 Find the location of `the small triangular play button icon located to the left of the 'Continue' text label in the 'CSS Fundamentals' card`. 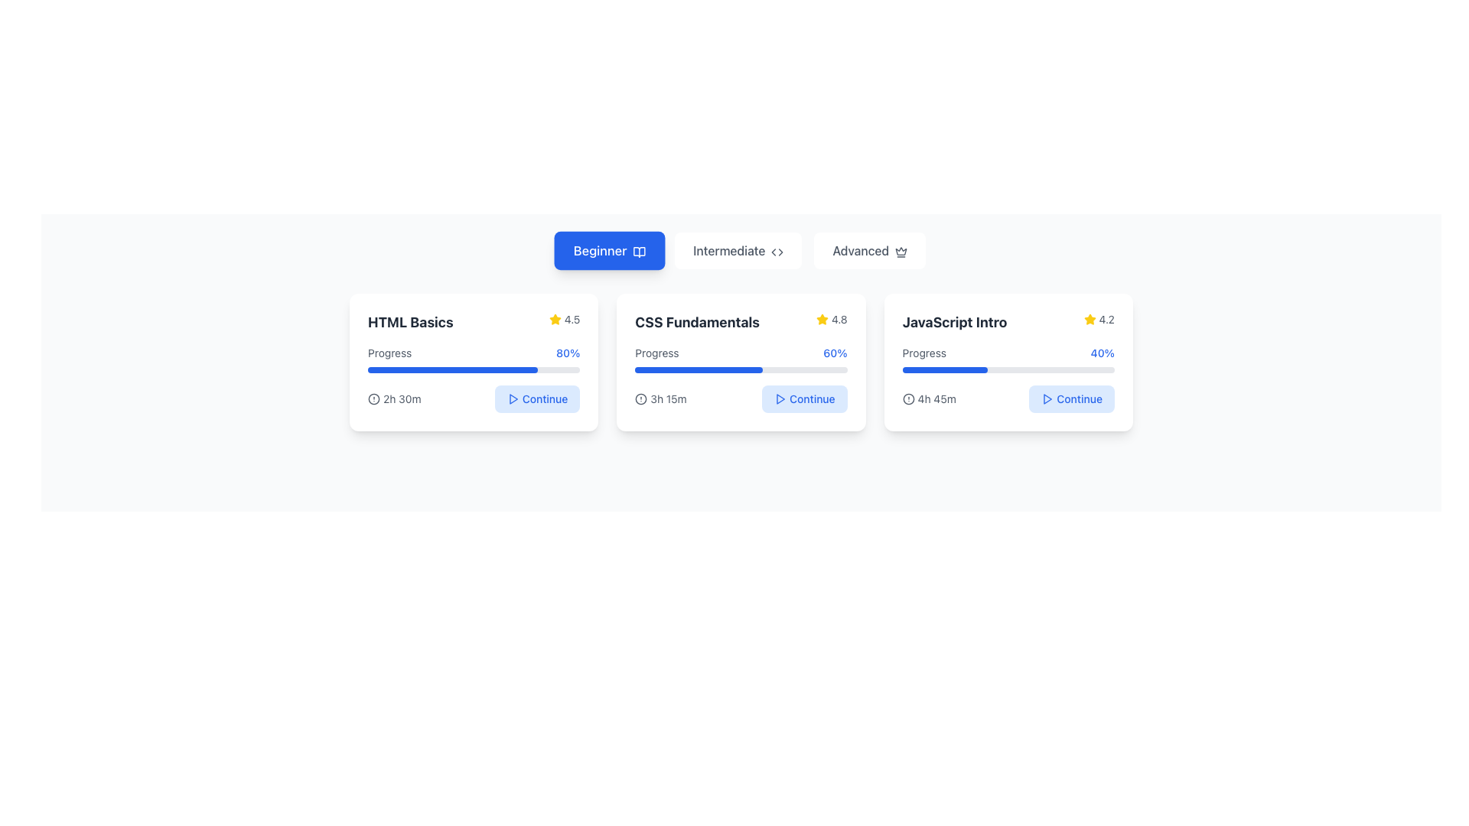

the small triangular play button icon located to the left of the 'Continue' text label in the 'CSS Fundamentals' card is located at coordinates (780, 398).